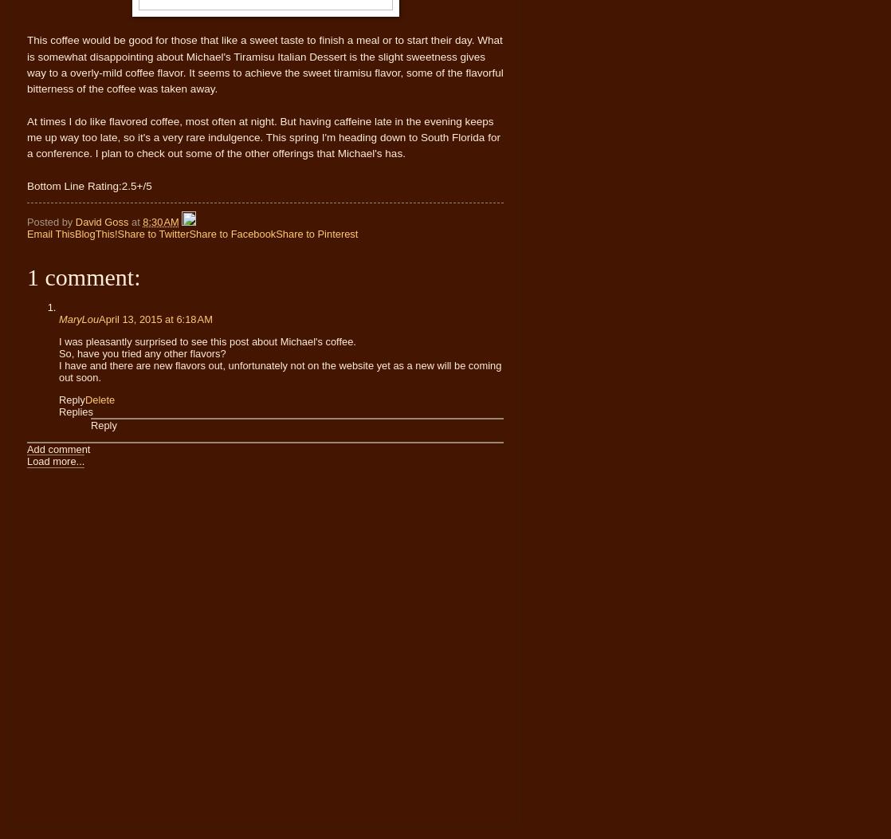 This screenshot has height=839, width=891. What do you see at coordinates (99, 398) in the screenshot?
I see `'Delete'` at bounding box center [99, 398].